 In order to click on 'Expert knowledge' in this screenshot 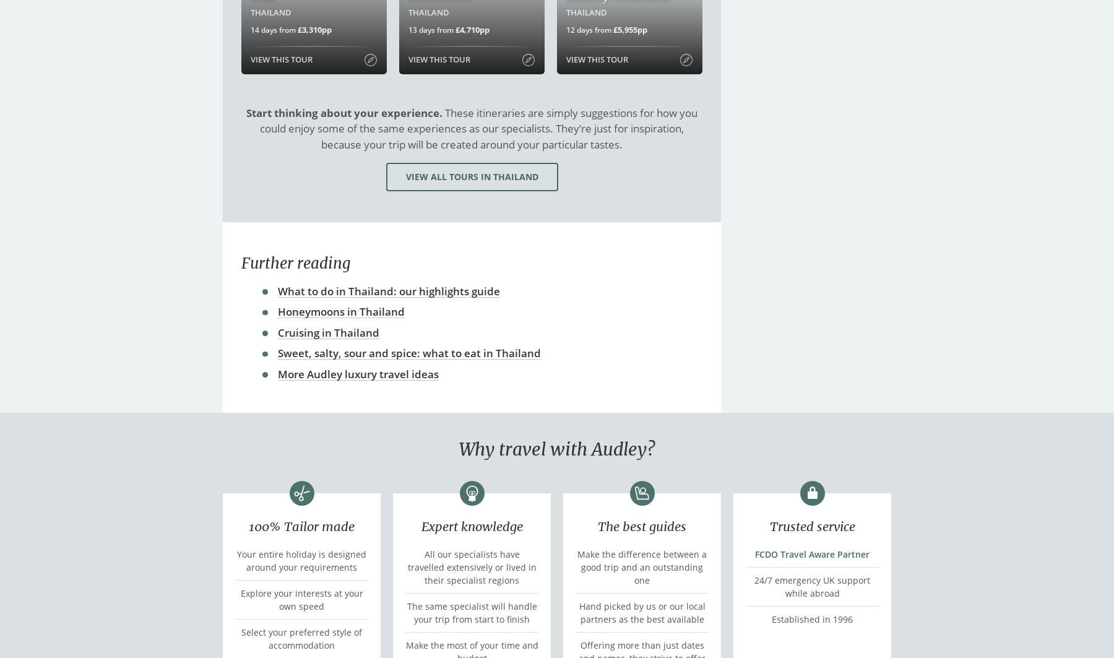, I will do `click(420, 525)`.